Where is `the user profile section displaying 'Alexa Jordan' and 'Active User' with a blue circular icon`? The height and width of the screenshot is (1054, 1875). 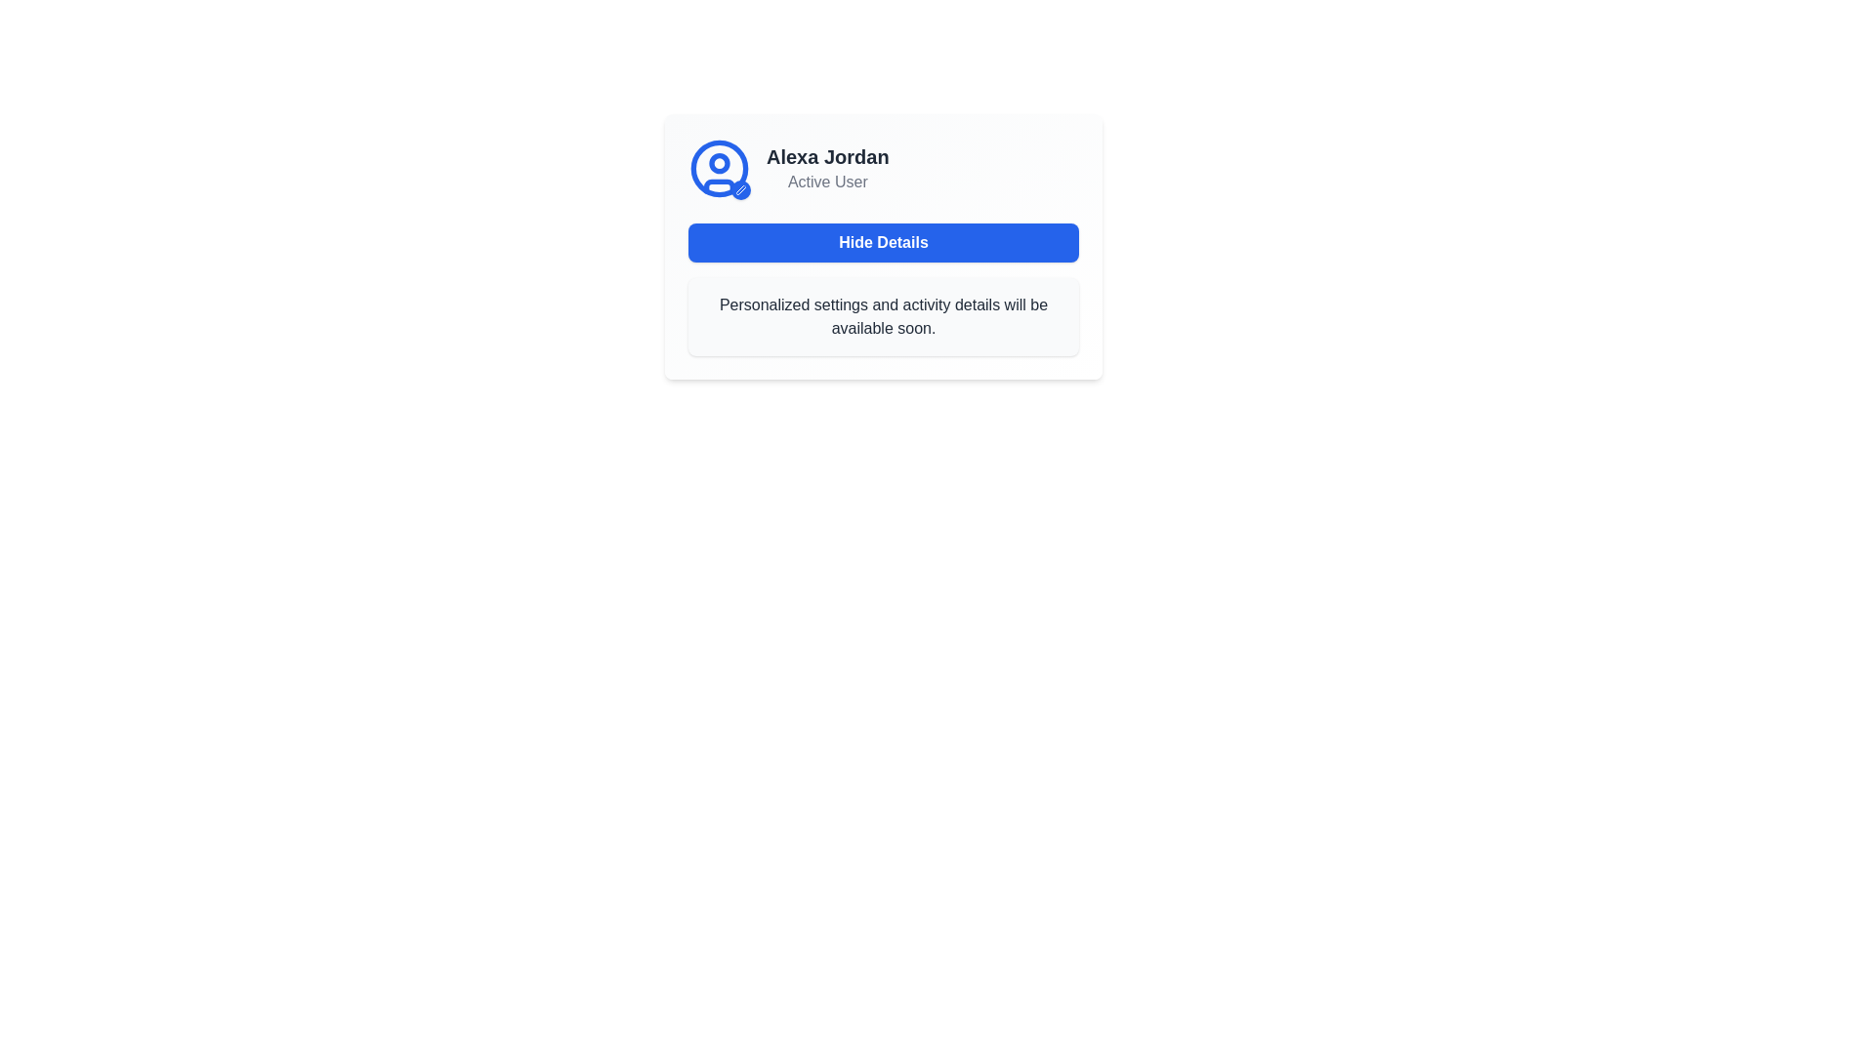 the user profile section displaying 'Alexa Jordan' and 'Active User' with a blue circular icon is located at coordinates (883, 168).